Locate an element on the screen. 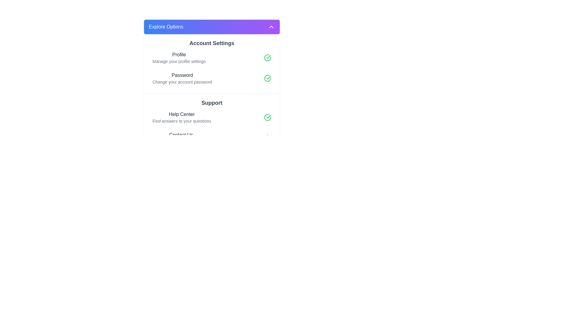 Image resolution: width=582 pixels, height=327 pixels. the chevron upward icon within the SVG component that indicates expanding or collapsing the associated menu, located at the rightmost edge of the 'Explore Options' button is located at coordinates (271, 26).